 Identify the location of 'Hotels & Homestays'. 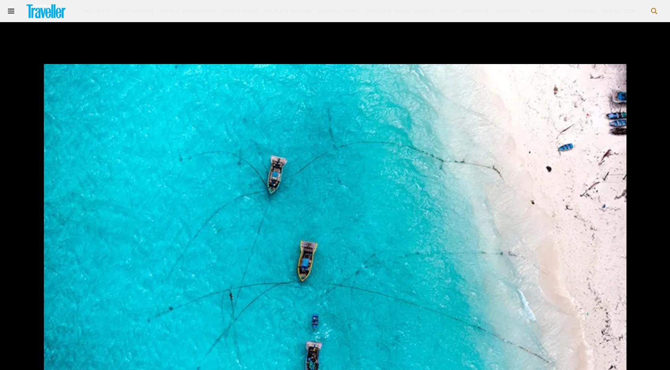
(159, 10).